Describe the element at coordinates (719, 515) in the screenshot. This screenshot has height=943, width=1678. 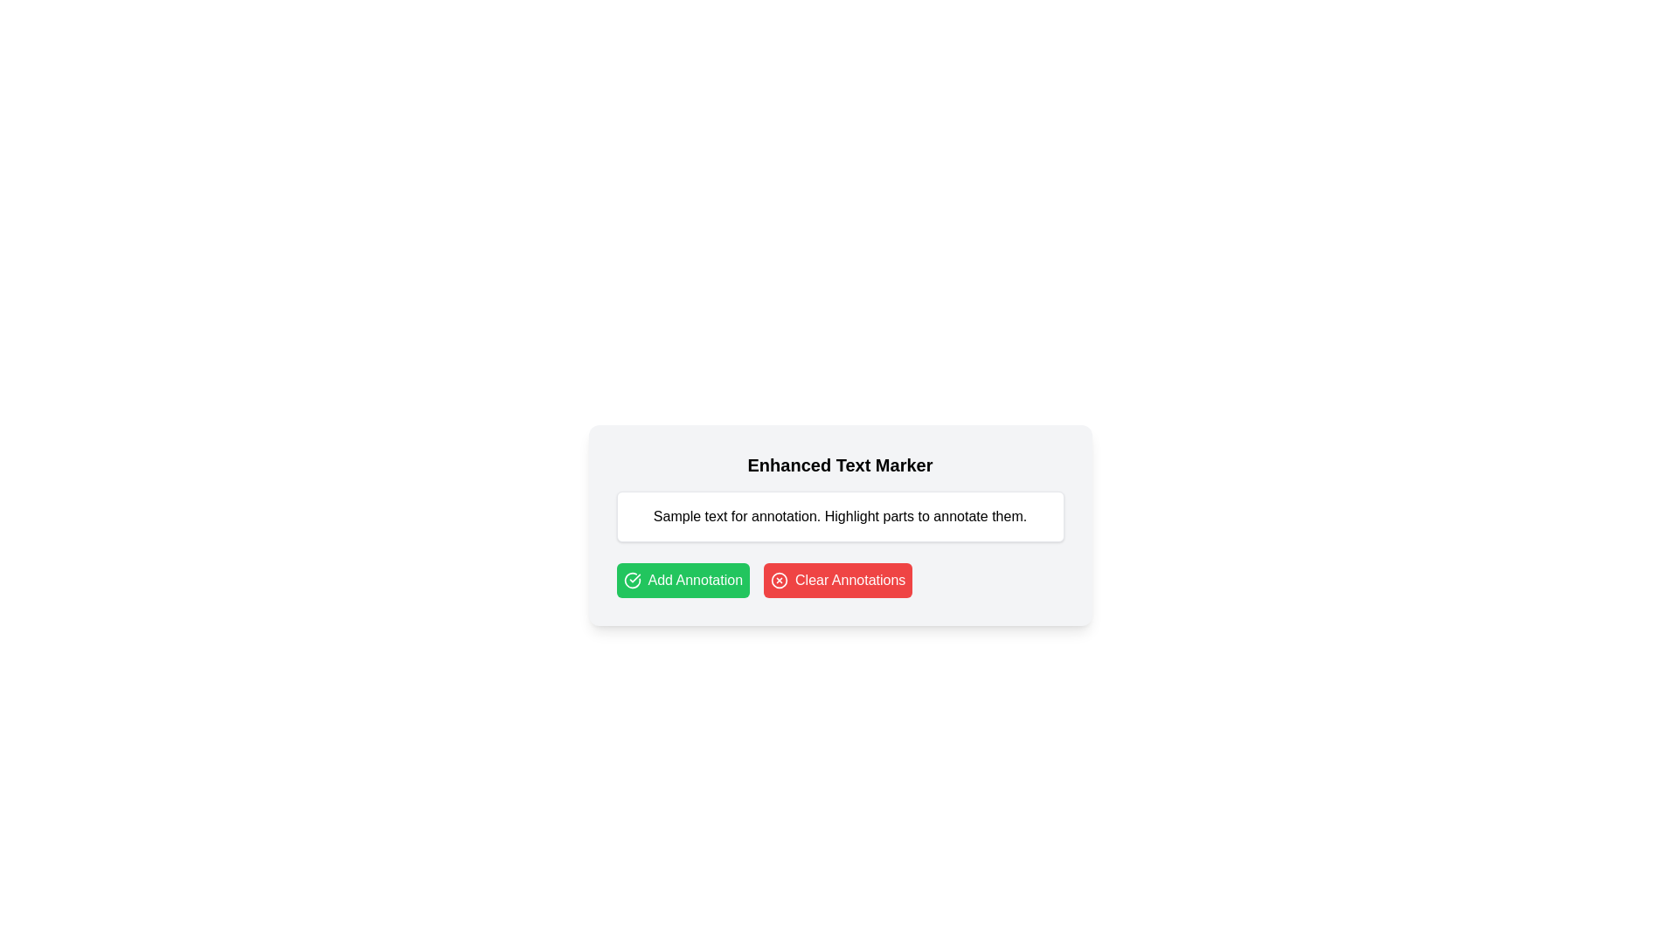
I see `the static text character 'x' in the sentence 'Sample text for annotation. Highlight parts to annotate them.'` at that location.